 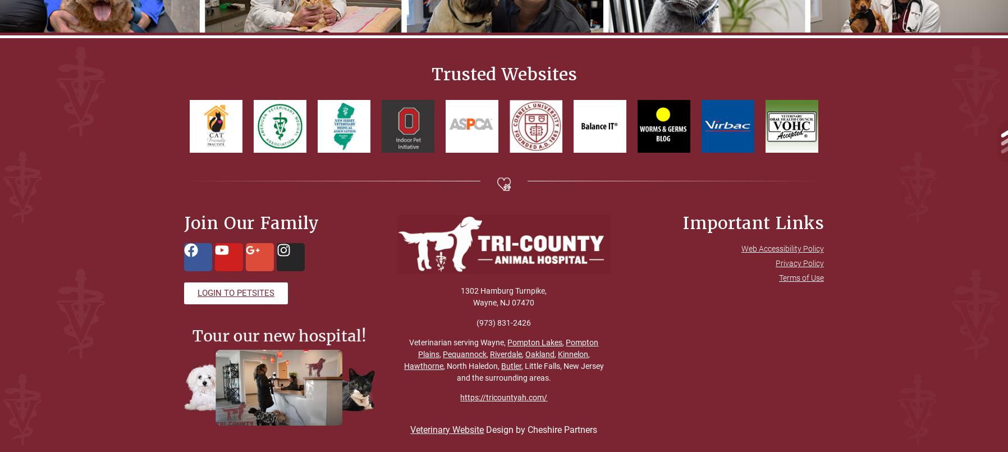 I want to click on '1302 Hamburg Turnpike,', so click(x=503, y=291).